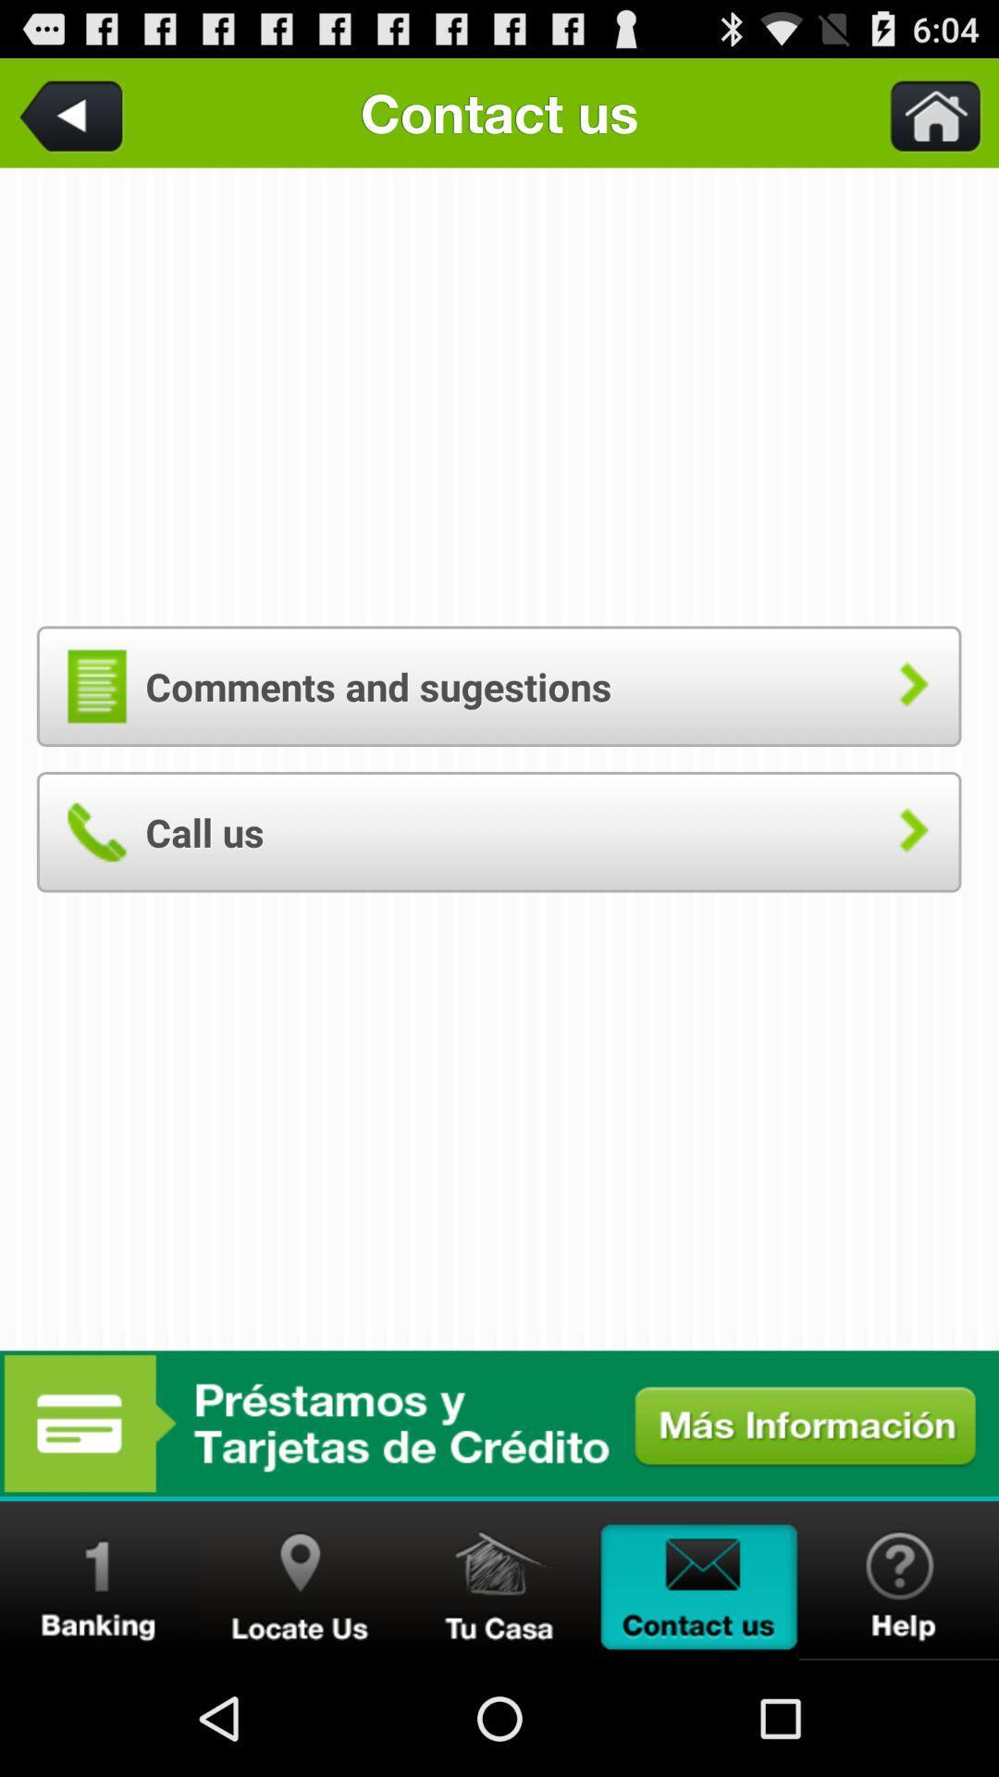 Image resolution: width=999 pixels, height=1777 pixels. What do you see at coordinates (699, 1692) in the screenshot?
I see `the email icon` at bounding box center [699, 1692].